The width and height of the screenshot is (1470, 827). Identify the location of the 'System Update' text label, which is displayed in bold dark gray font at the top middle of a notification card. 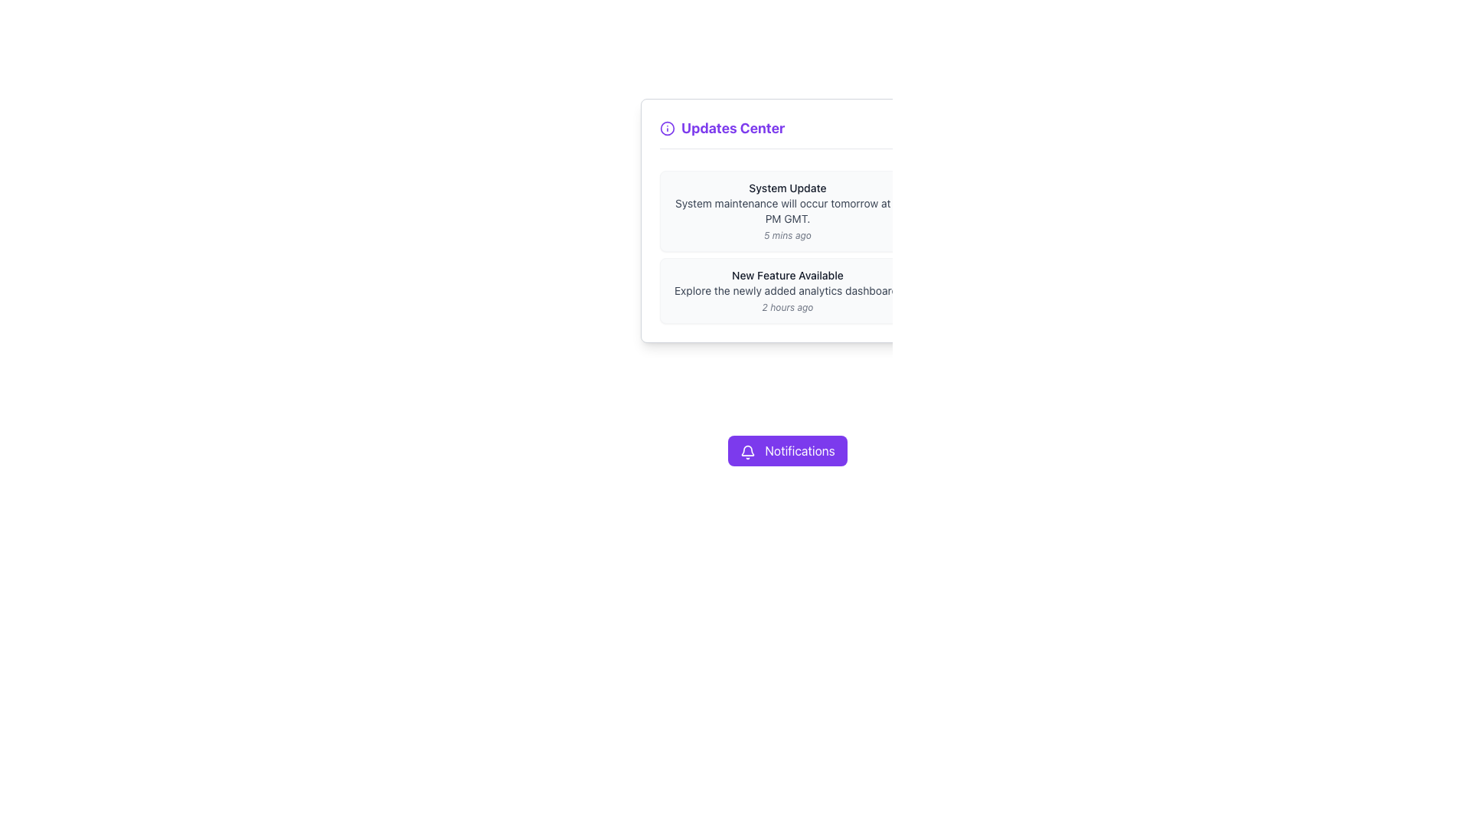
(787, 188).